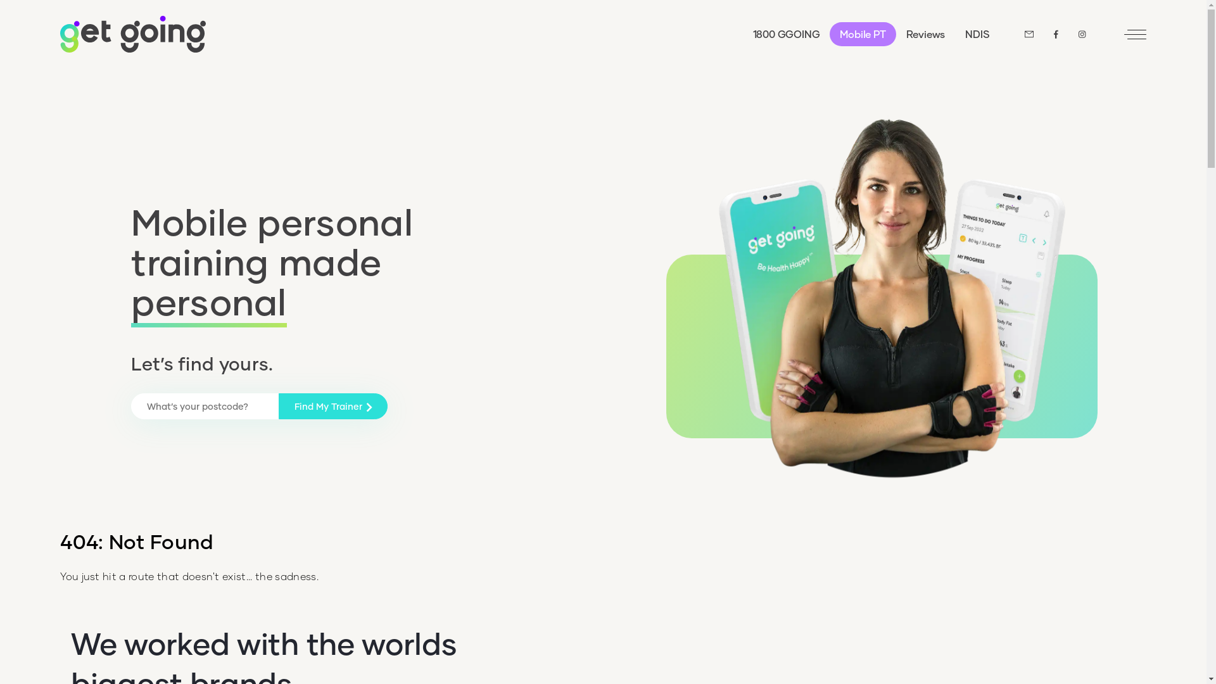 The height and width of the screenshot is (684, 1216). I want to click on 'Reviews', so click(926, 34).